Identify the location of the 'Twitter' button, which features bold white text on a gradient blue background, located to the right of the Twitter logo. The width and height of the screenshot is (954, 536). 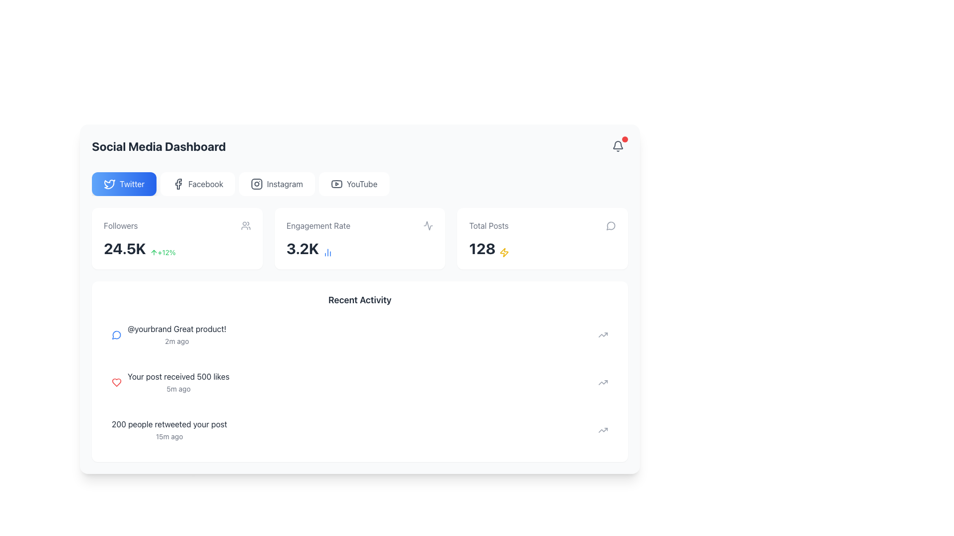
(132, 184).